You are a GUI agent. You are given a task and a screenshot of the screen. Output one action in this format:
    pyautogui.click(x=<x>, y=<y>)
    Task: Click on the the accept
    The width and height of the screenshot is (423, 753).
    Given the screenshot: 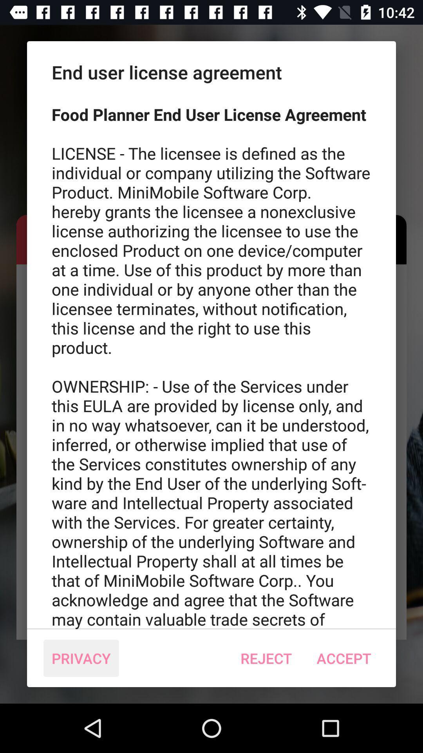 What is the action you would take?
    pyautogui.click(x=343, y=658)
    